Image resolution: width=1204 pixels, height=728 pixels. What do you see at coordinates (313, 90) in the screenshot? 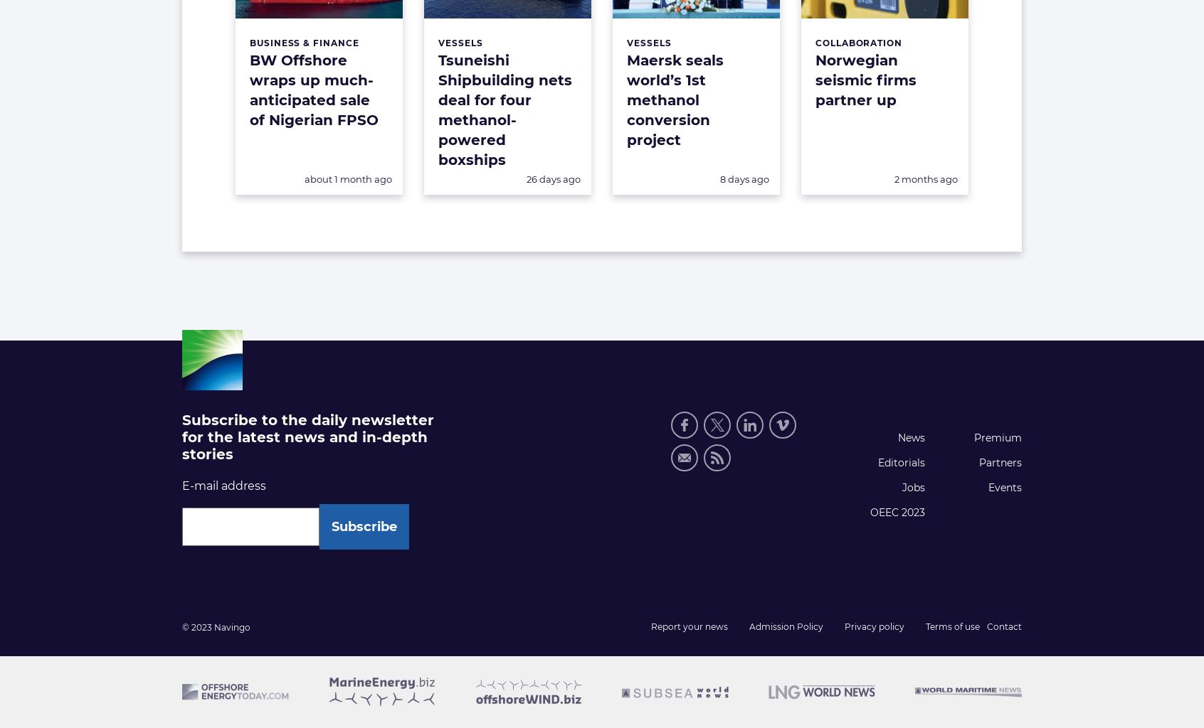
I see `'BW Offshore wraps up much-anticipated sale of Nigerian FPSO'` at bounding box center [313, 90].